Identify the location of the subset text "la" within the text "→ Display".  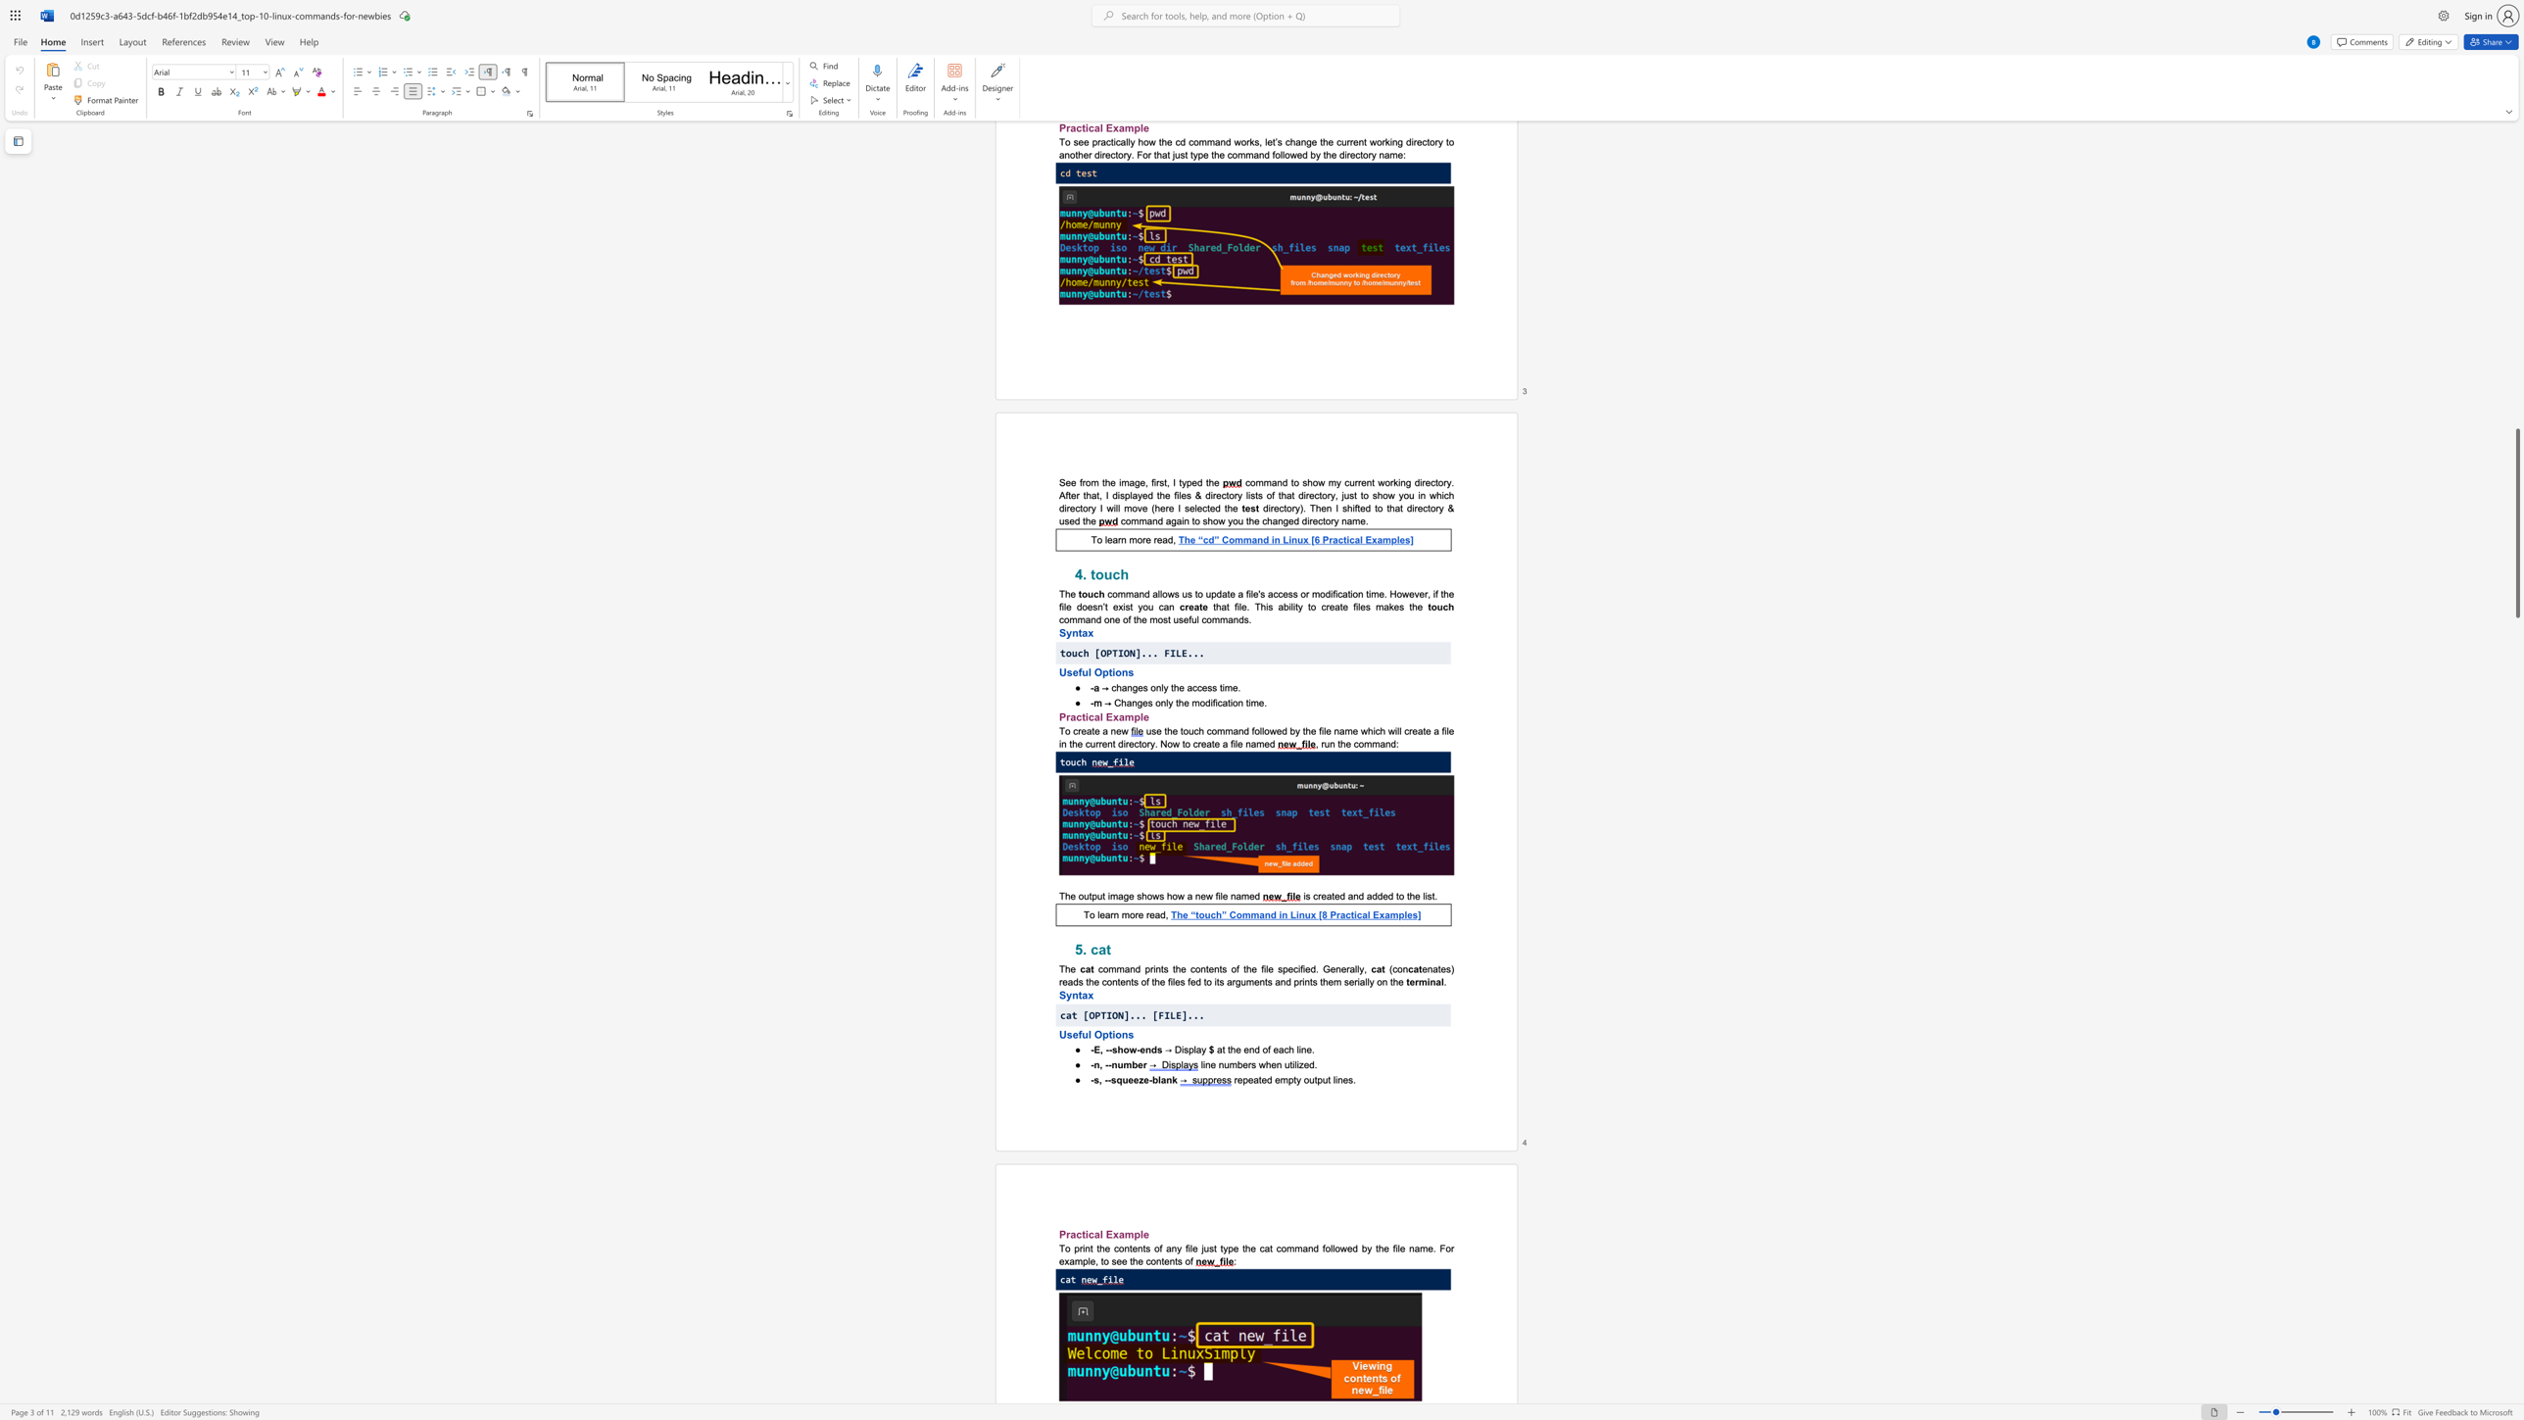
(1193, 1050).